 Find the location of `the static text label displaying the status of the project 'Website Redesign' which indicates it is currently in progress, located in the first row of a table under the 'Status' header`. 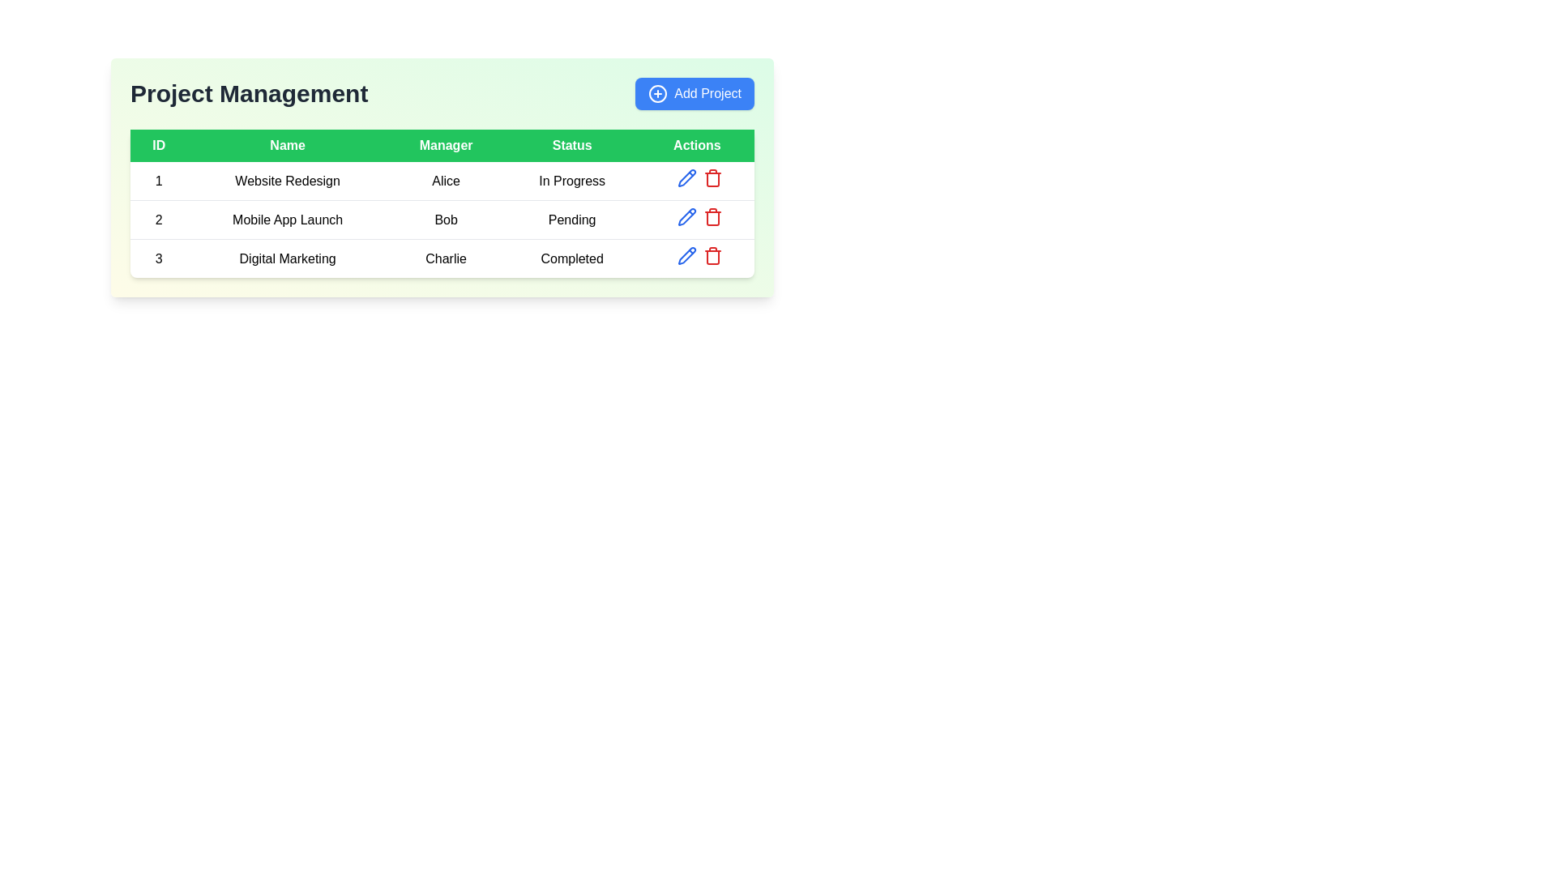

the static text label displaying the status of the project 'Website Redesign' which indicates it is currently in progress, located in the first row of a table under the 'Status' header is located at coordinates (572, 181).